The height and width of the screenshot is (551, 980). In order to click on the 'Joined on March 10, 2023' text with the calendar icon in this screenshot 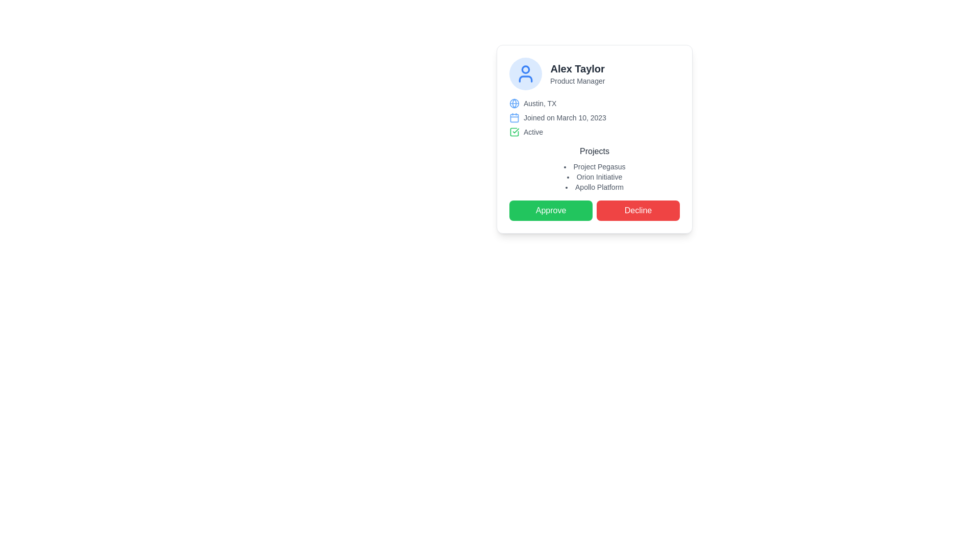, I will do `click(595, 117)`.